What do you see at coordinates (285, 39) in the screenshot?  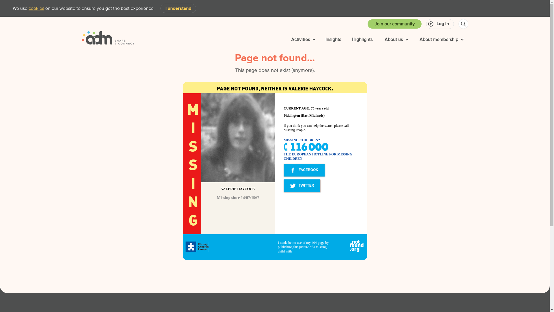 I see `'Activities'` at bounding box center [285, 39].